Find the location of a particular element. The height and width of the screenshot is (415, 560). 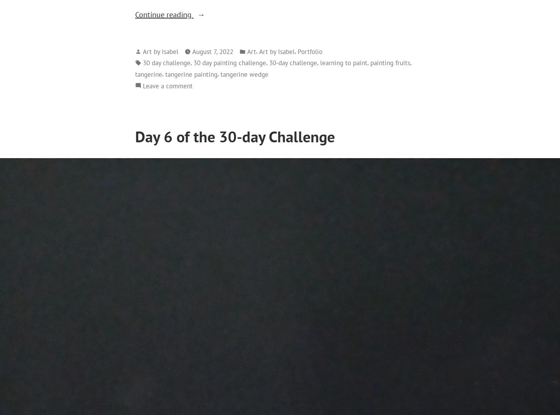

'Portfolio' is located at coordinates (310, 51).